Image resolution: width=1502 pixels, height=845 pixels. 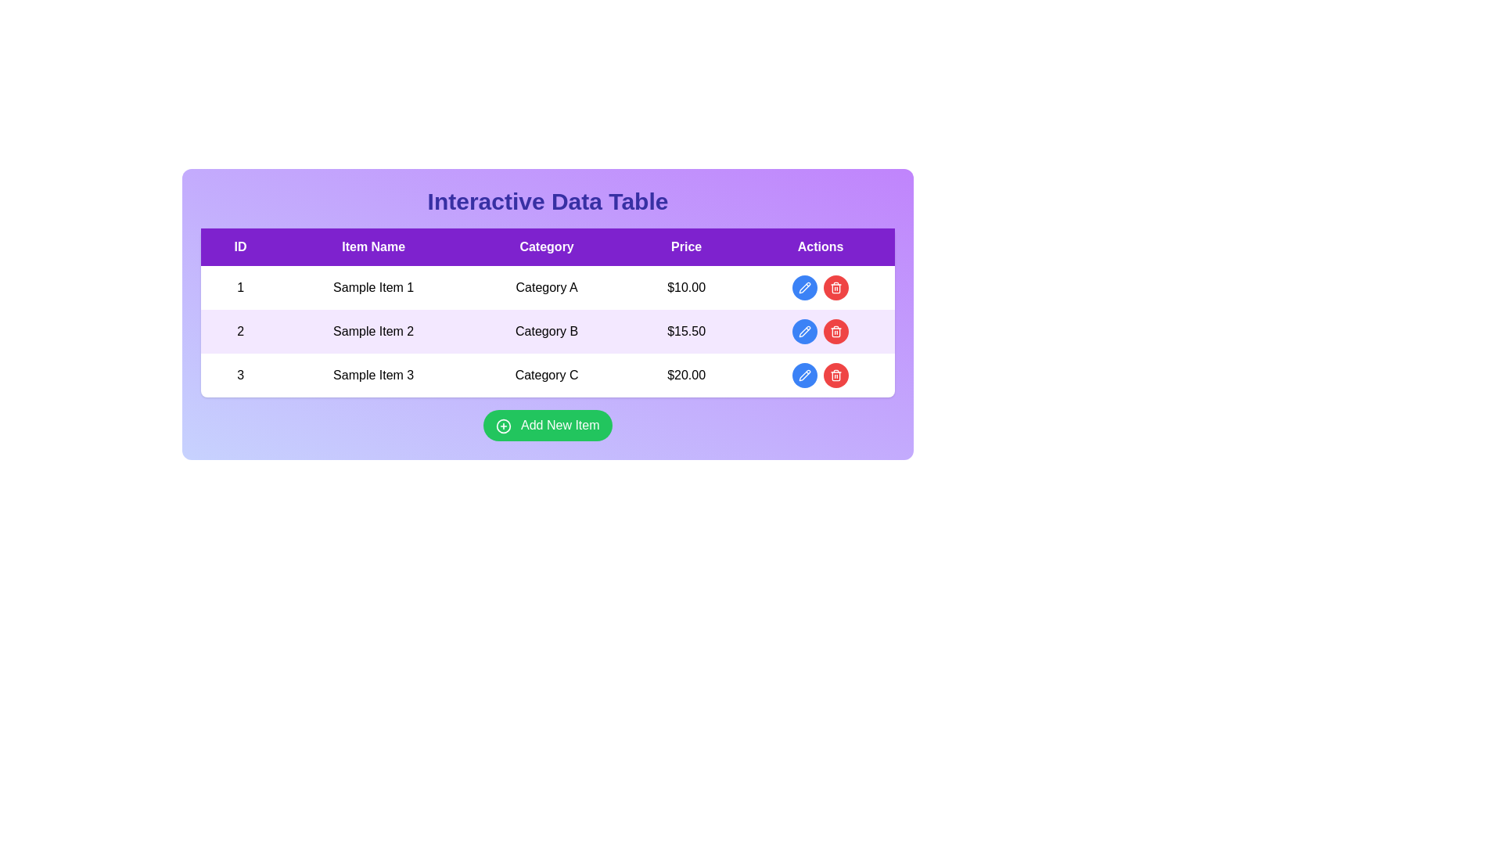 I want to click on the text label 'Sample Item 3' in the third row of the table under the 'Item Name' column, so click(x=372, y=375).